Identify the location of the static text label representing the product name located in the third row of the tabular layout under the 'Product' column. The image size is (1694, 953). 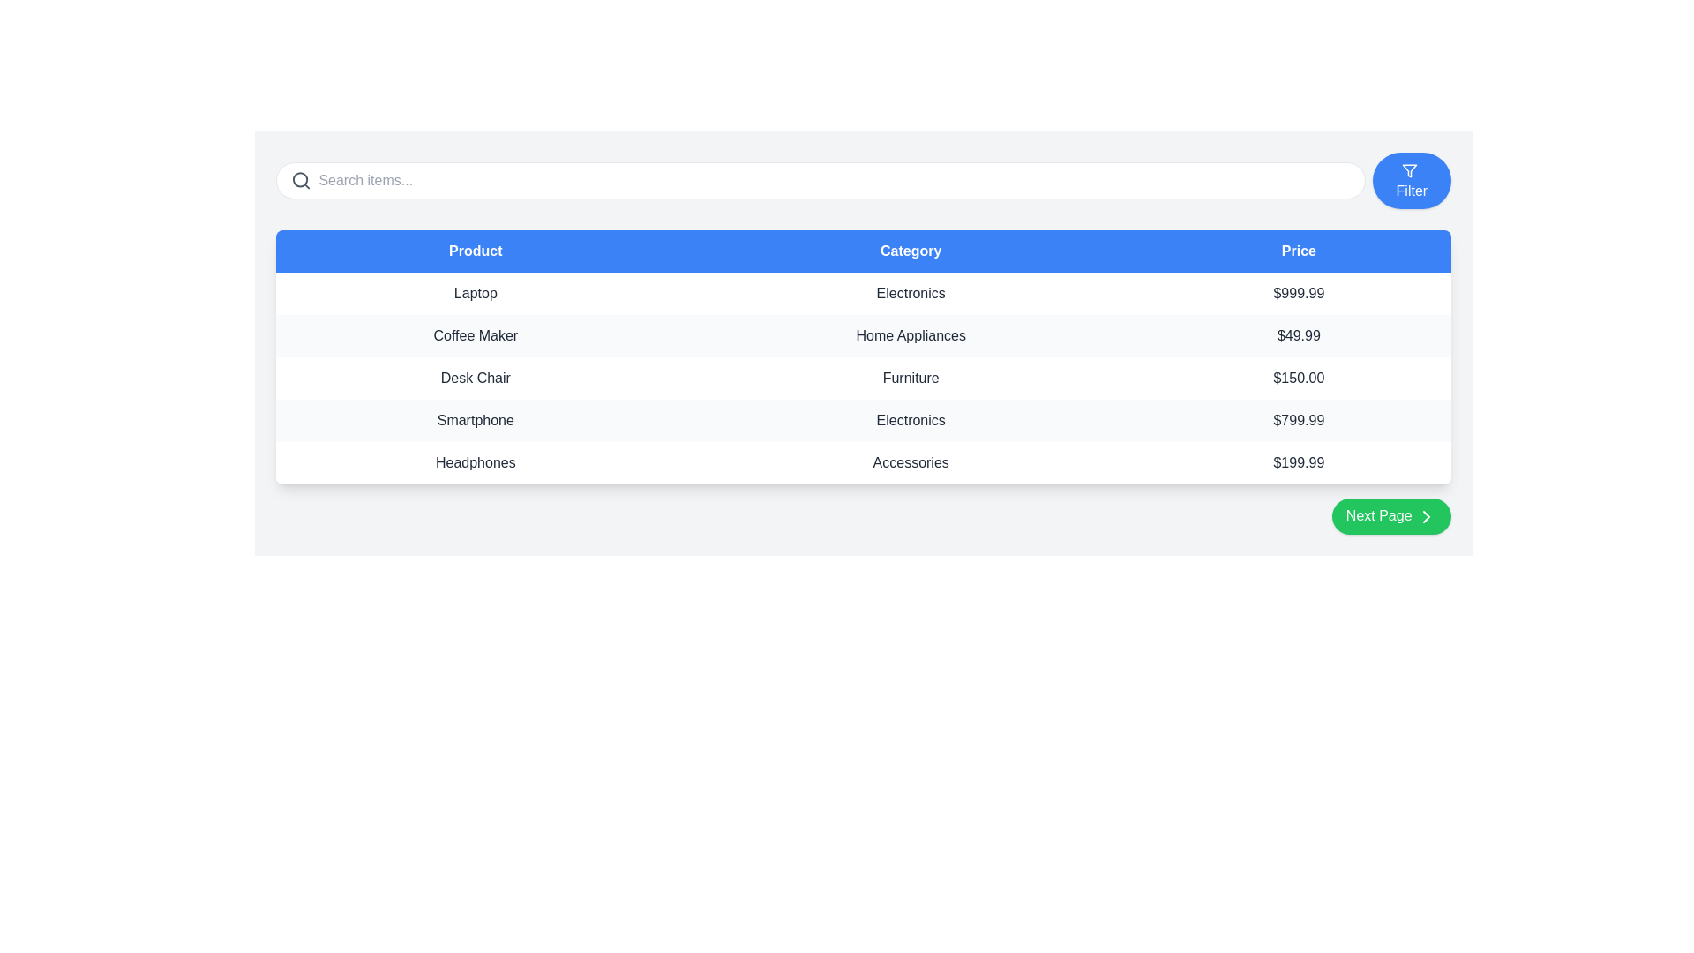
(476, 377).